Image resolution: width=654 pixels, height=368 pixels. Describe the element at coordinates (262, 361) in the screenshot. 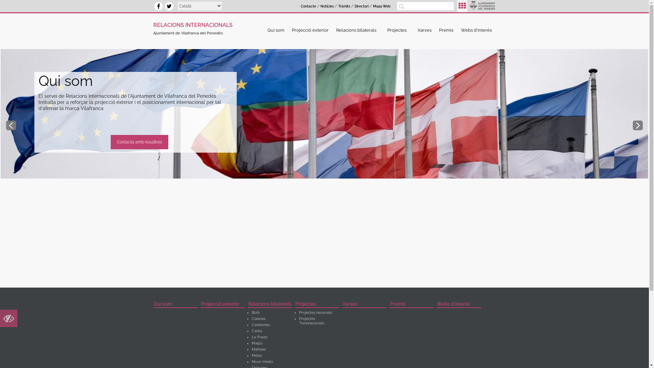

I see `'Novo mesto'` at that location.